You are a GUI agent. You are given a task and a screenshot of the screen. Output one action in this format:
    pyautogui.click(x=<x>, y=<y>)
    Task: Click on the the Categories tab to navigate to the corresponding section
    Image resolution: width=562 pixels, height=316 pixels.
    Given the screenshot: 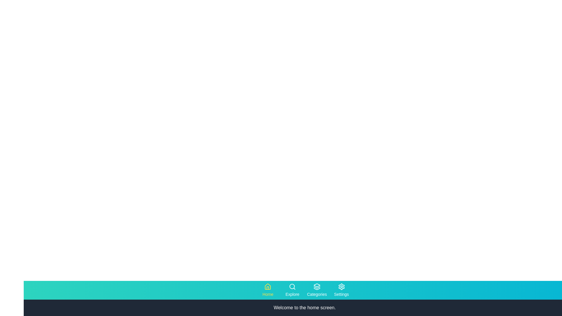 What is the action you would take?
    pyautogui.click(x=316, y=290)
    